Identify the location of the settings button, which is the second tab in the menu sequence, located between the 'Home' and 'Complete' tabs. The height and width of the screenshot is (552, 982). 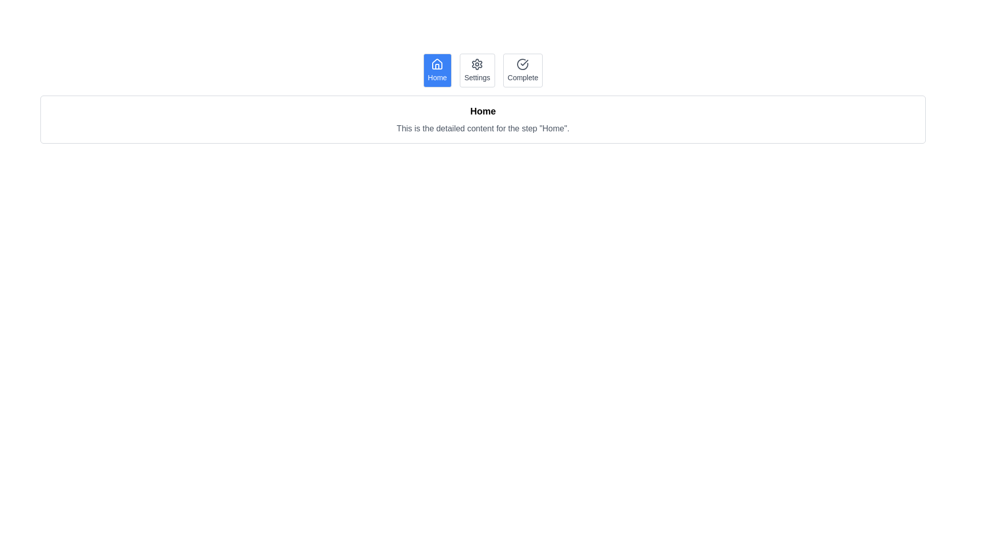
(482, 70).